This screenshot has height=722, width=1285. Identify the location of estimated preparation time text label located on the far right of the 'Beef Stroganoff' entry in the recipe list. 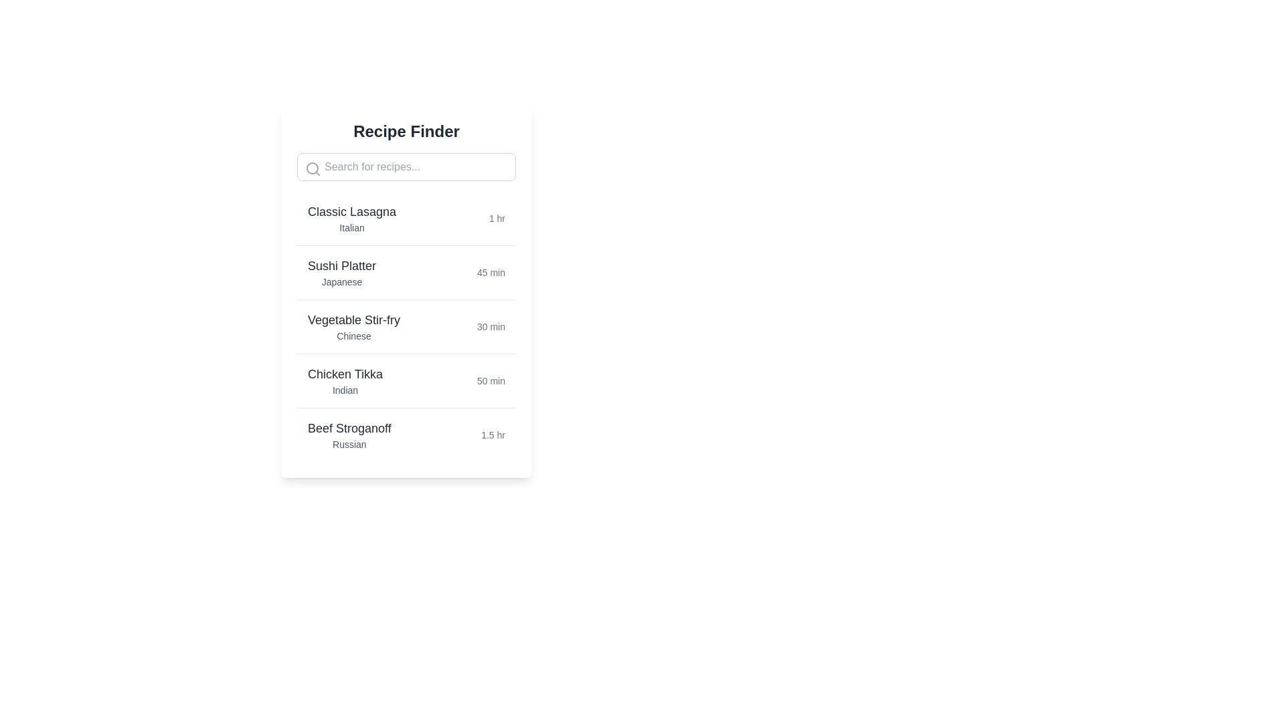
(493, 435).